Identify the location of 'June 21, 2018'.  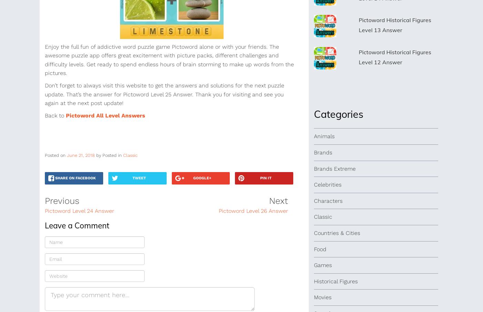
(81, 155).